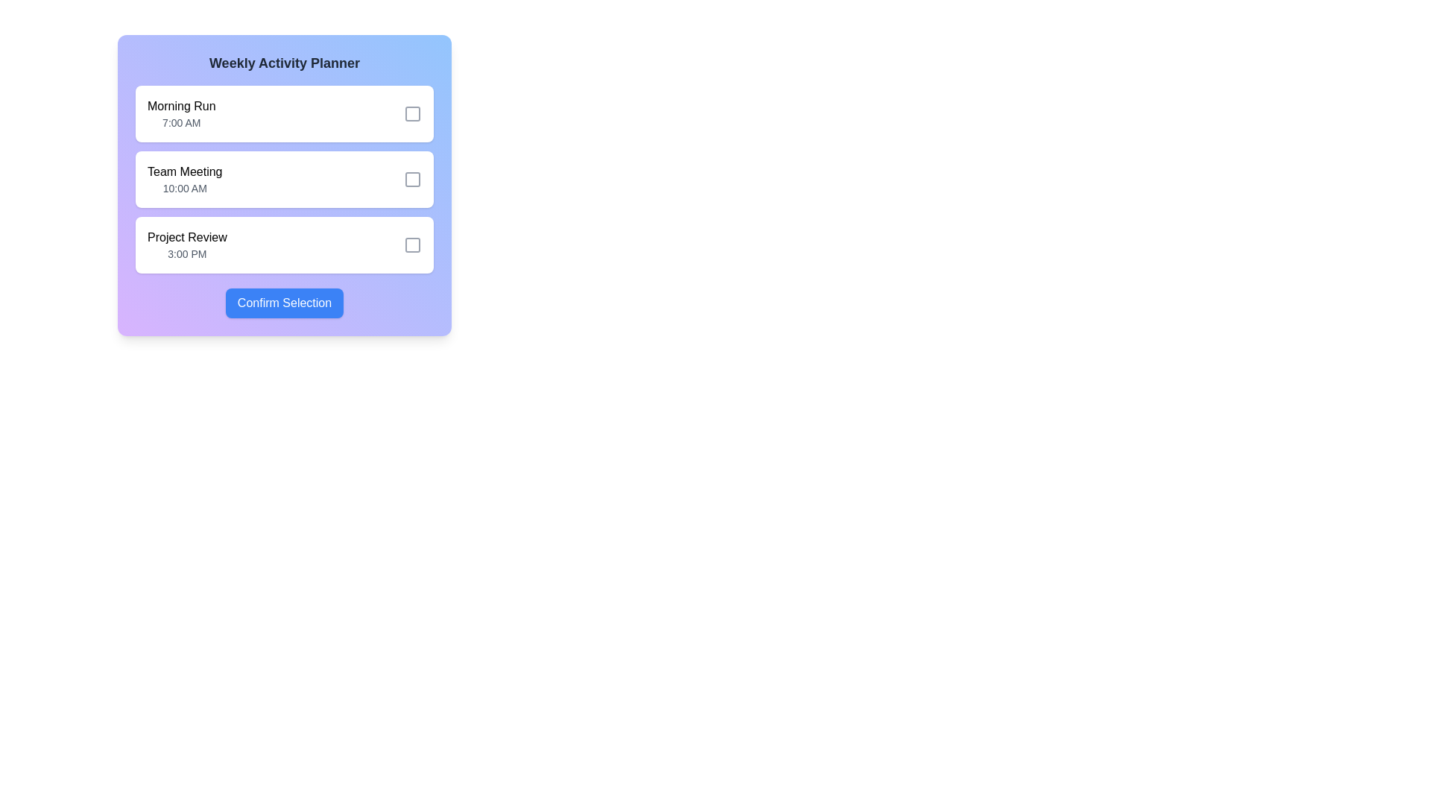  I want to click on the text label element displaying 'Team Meeting' which is the second entry in a list of scheduled activities, so click(184, 171).